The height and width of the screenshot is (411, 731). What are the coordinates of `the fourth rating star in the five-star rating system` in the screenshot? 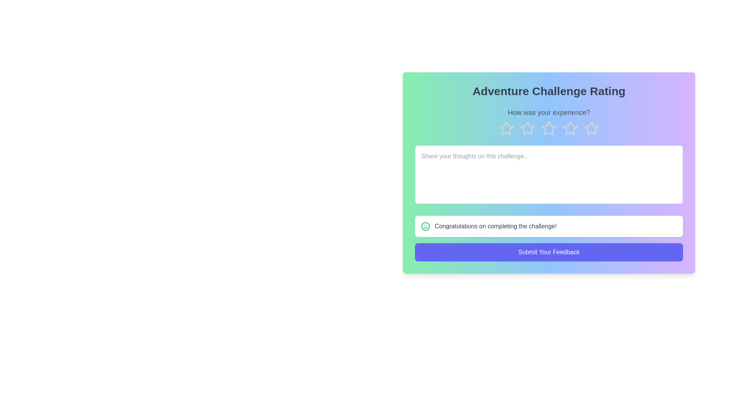 It's located at (549, 128).